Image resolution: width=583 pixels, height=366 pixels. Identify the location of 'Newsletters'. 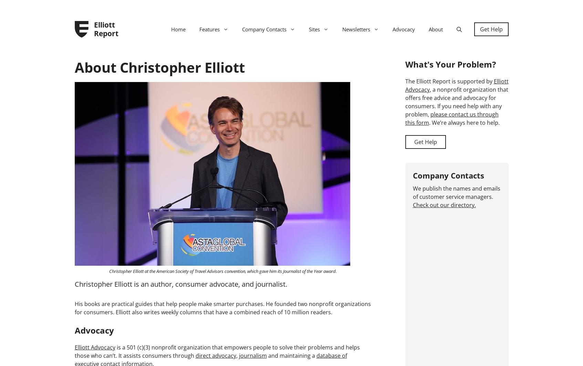
(356, 29).